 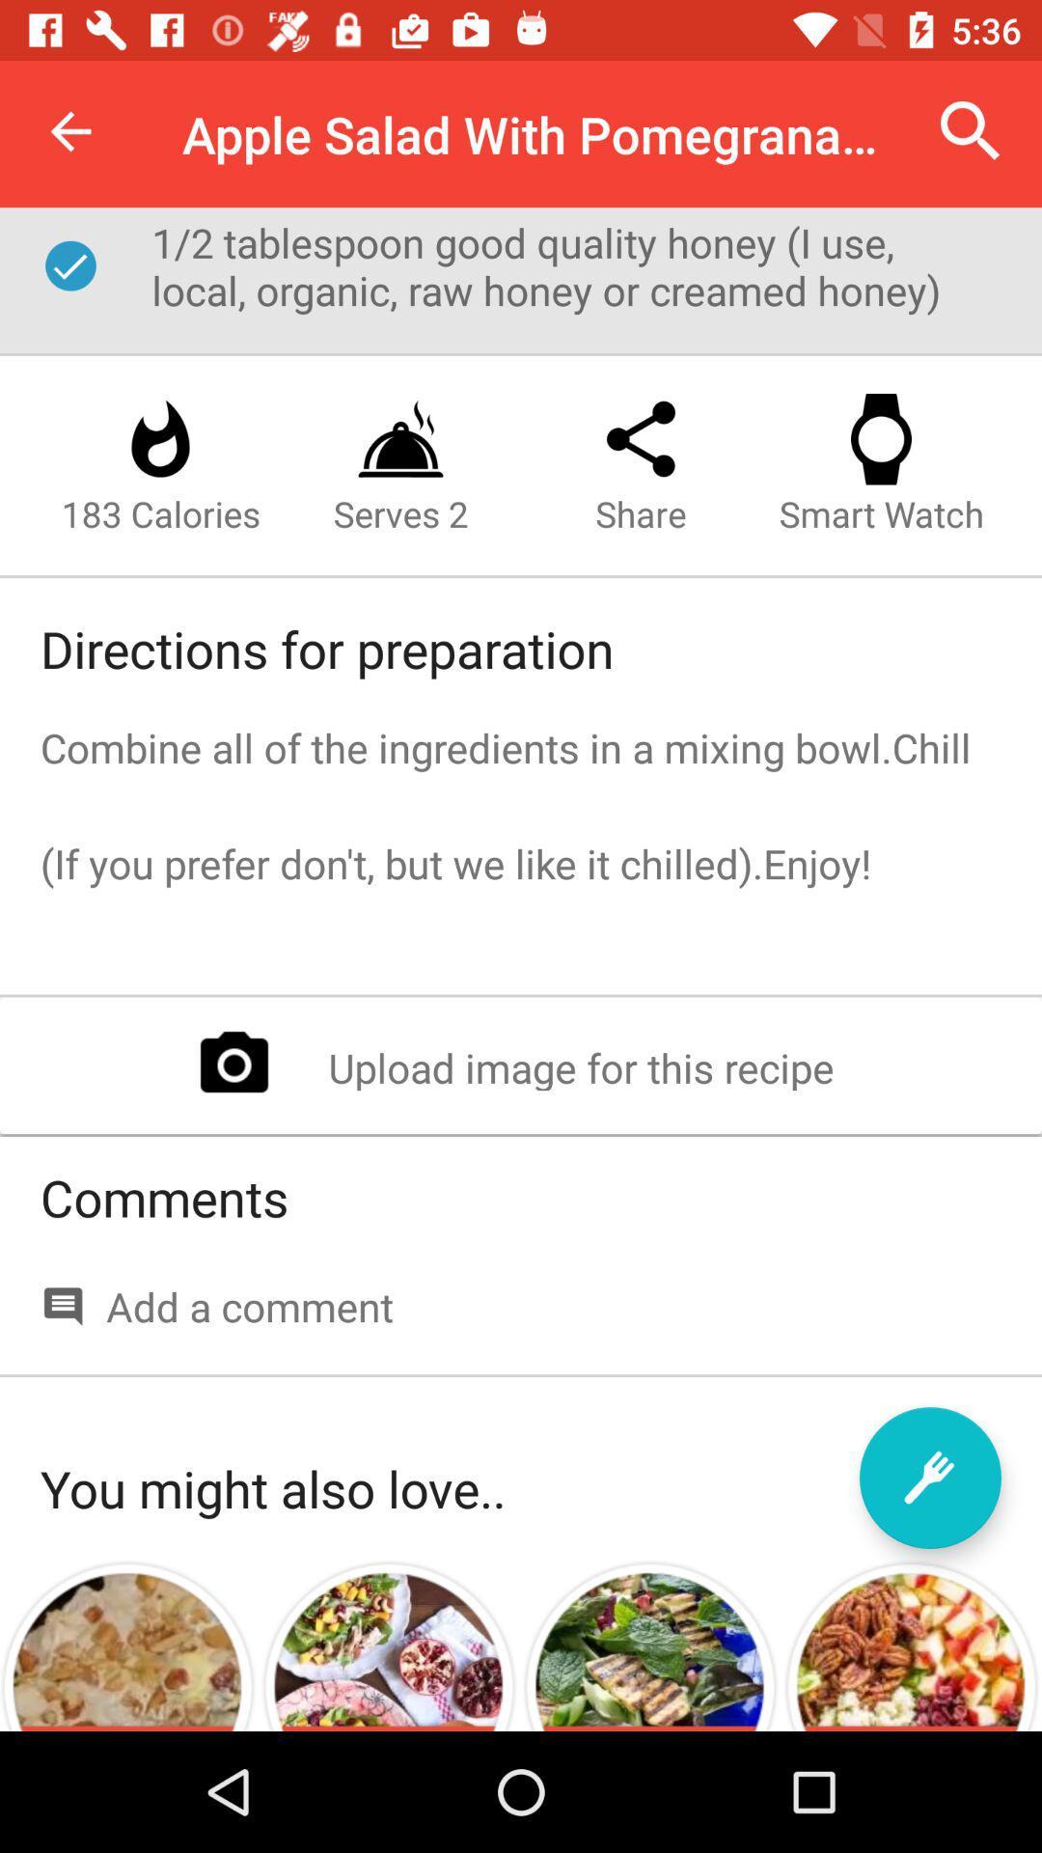 What do you see at coordinates (971, 130) in the screenshot?
I see `the item to the right of apple salad with item` at bounding box center [971, 130].